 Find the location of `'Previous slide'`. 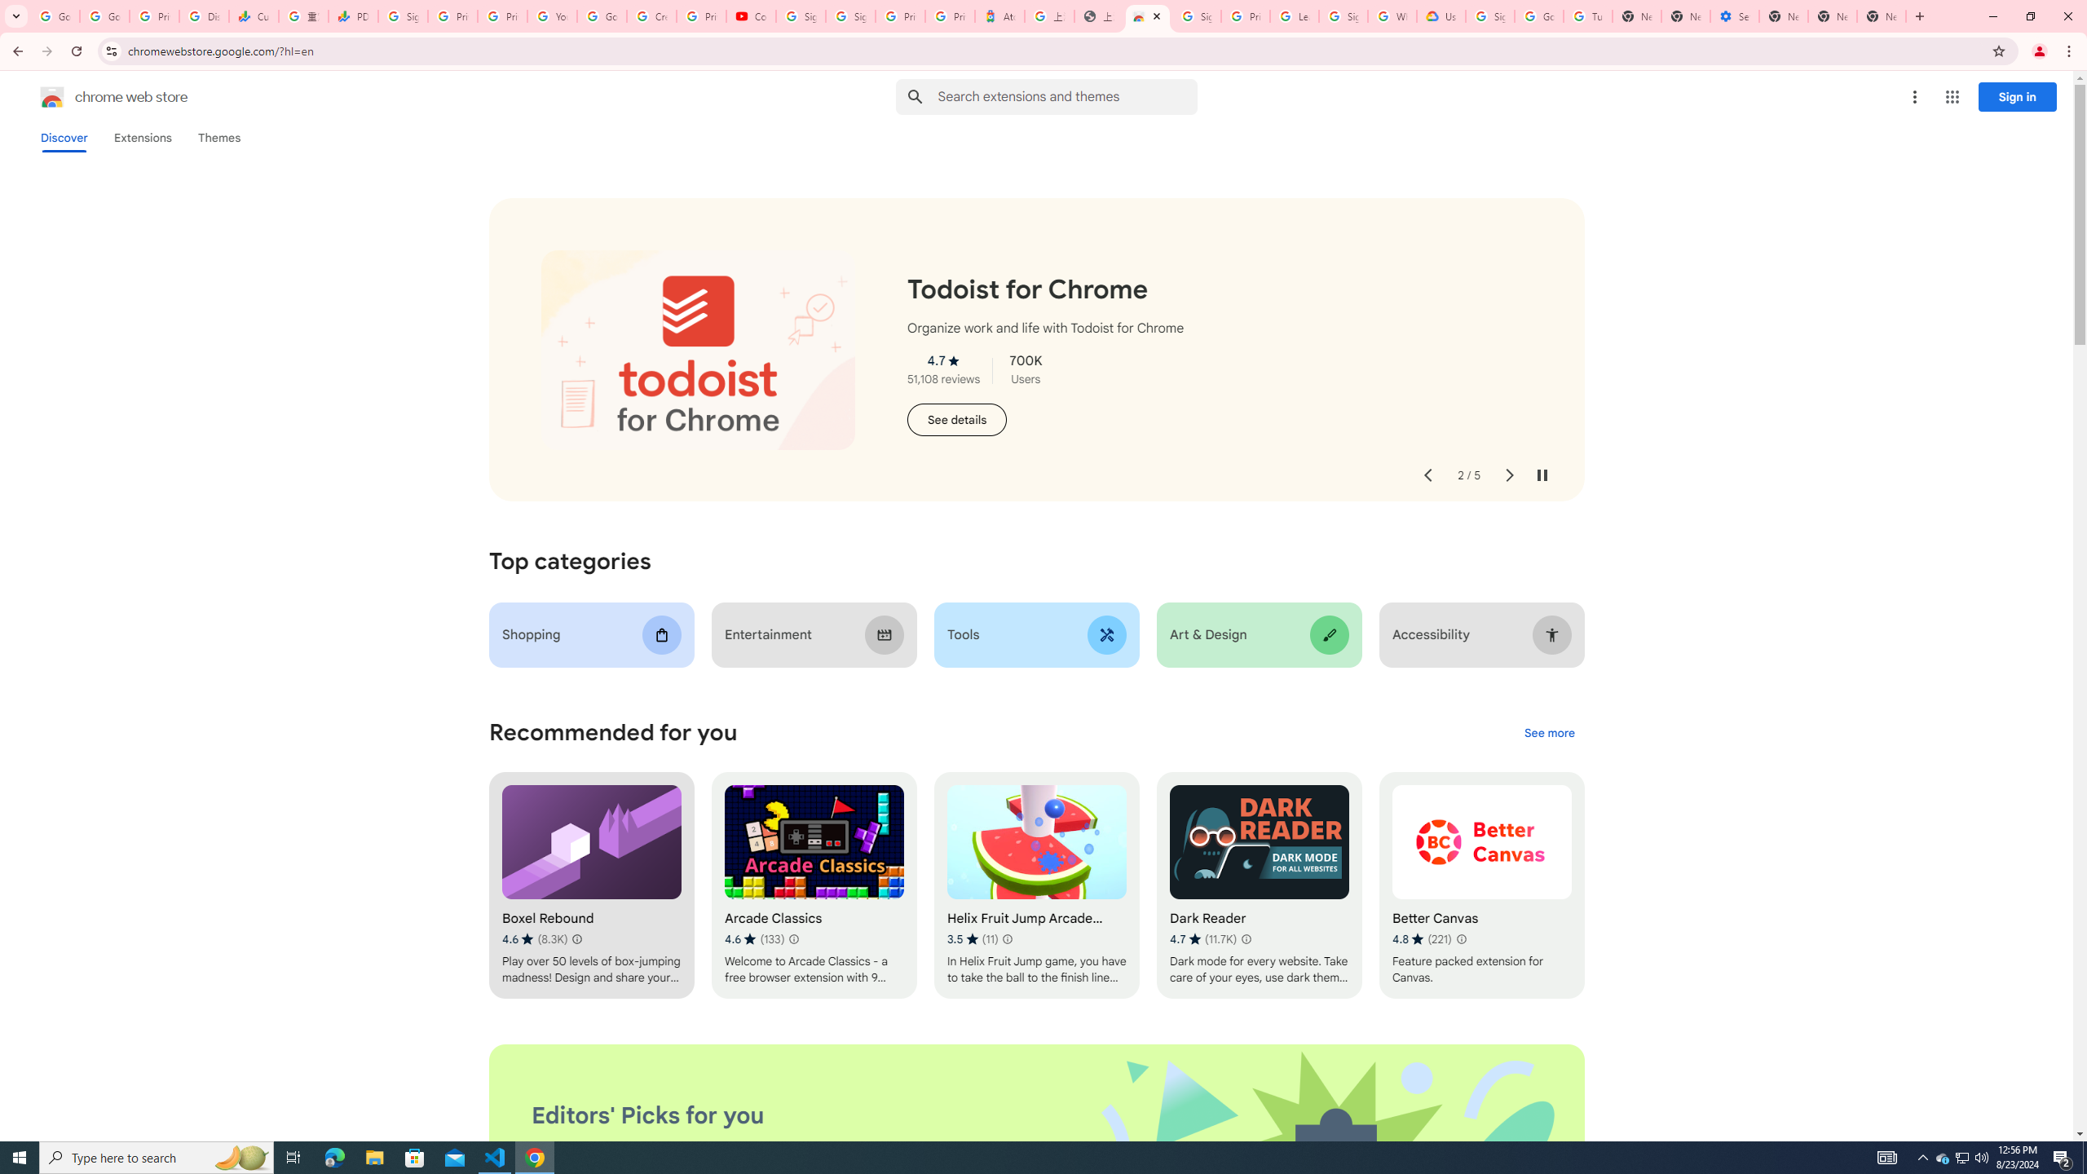

'Previous slide' is located at coordinates (1427, 474).